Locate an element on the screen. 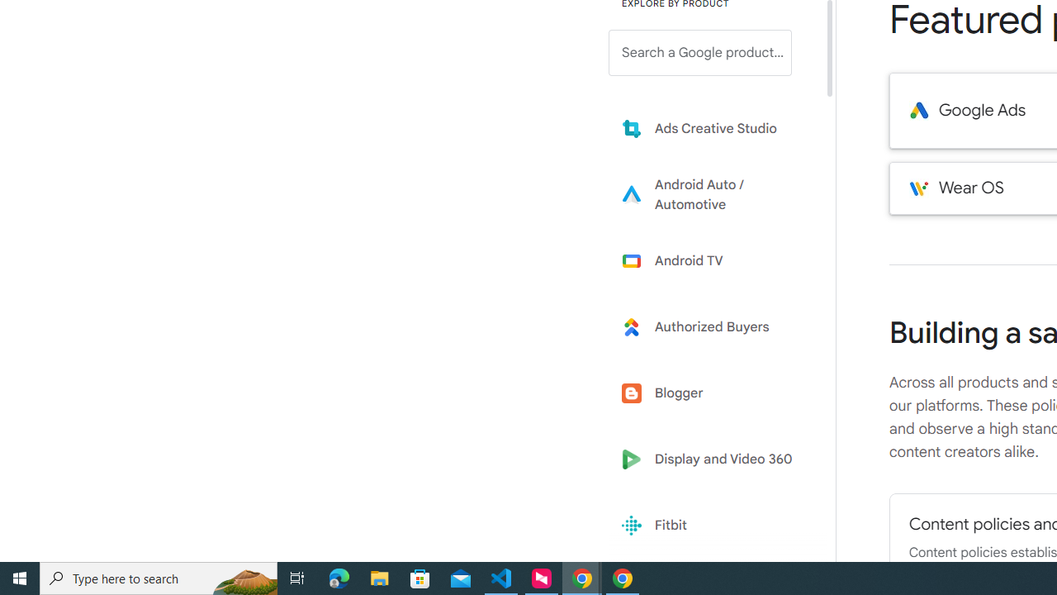 This screenshot has height=595, width=1057. 'Learn more about Authorized Buyers' is located at coordinates (712, 327).